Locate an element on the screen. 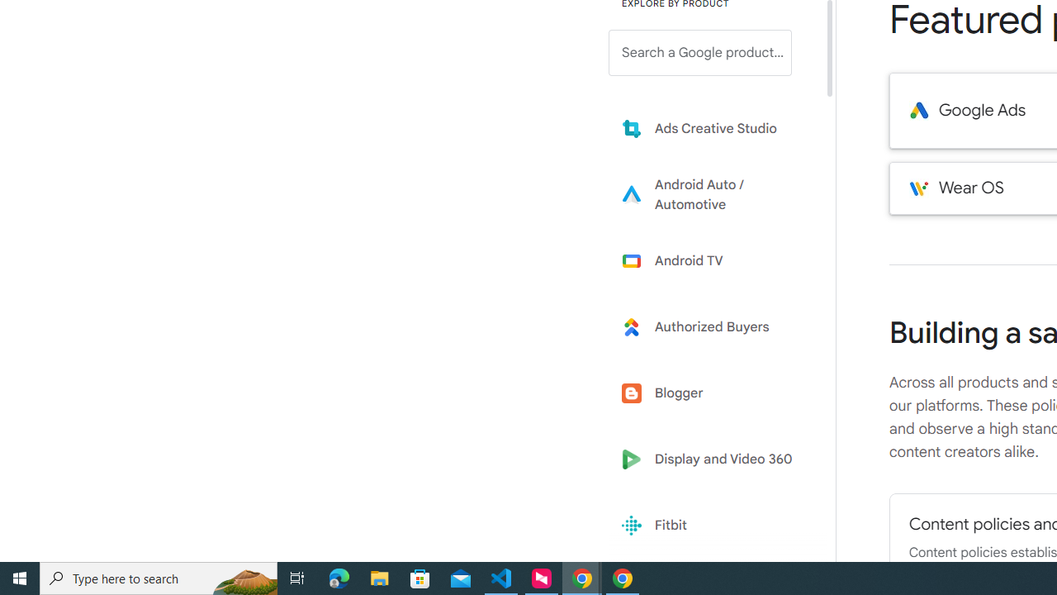 This screenshot has height=595, width=1057. 'Learn more about Authorized Buyers' is located at coordinates (712, 327).